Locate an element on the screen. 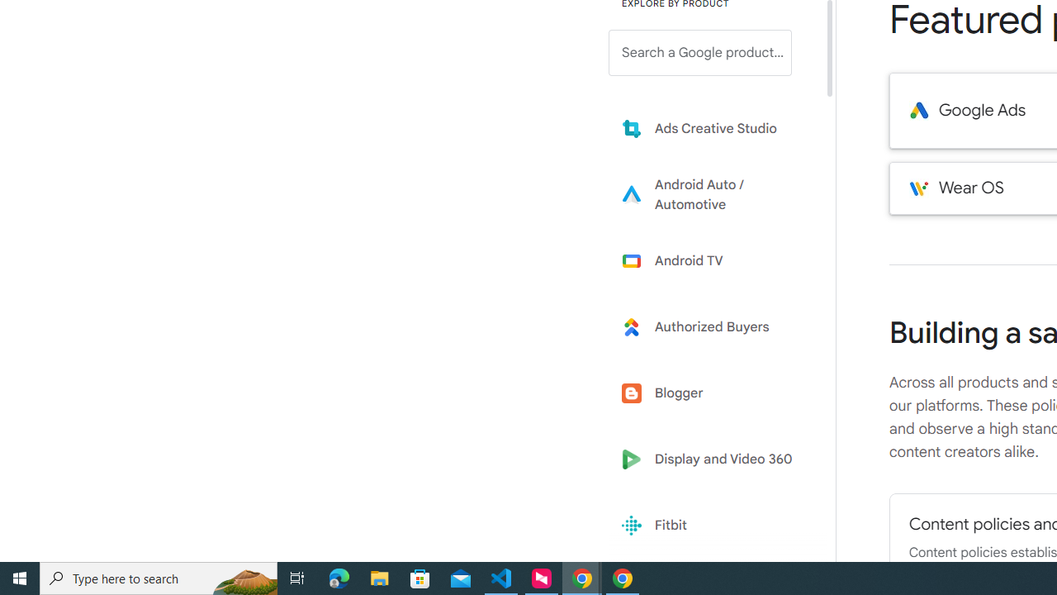 This screenshot has height=595, width=1057. 'Learn more about Authorized Buyers' is located at coordinates (712, 327).